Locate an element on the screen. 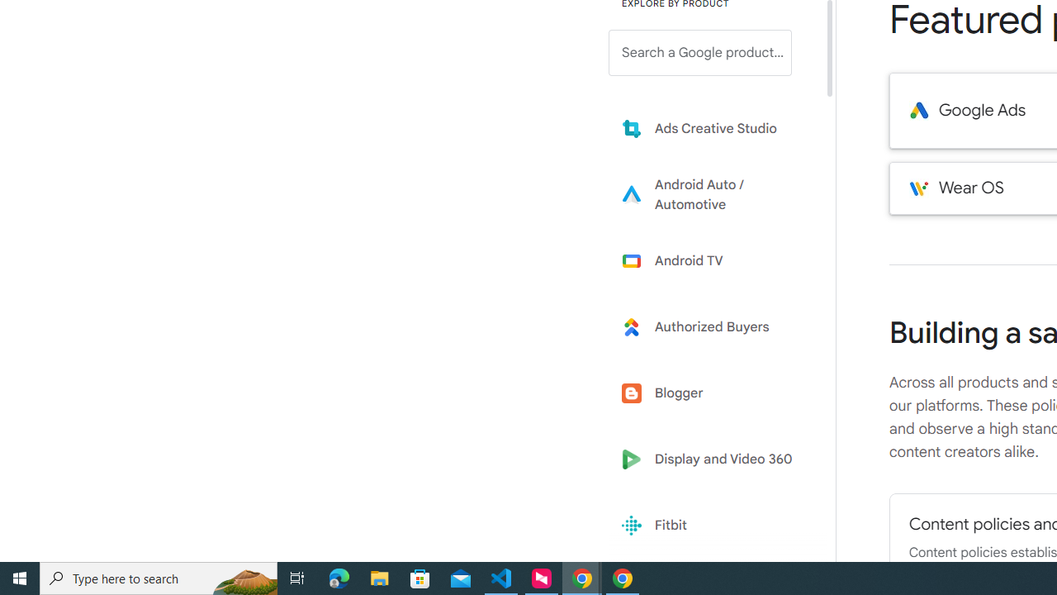 This screenshot has height=595, width=1057. 'Learn more about Authorized Buyers' is located at coordinates (712, 327).